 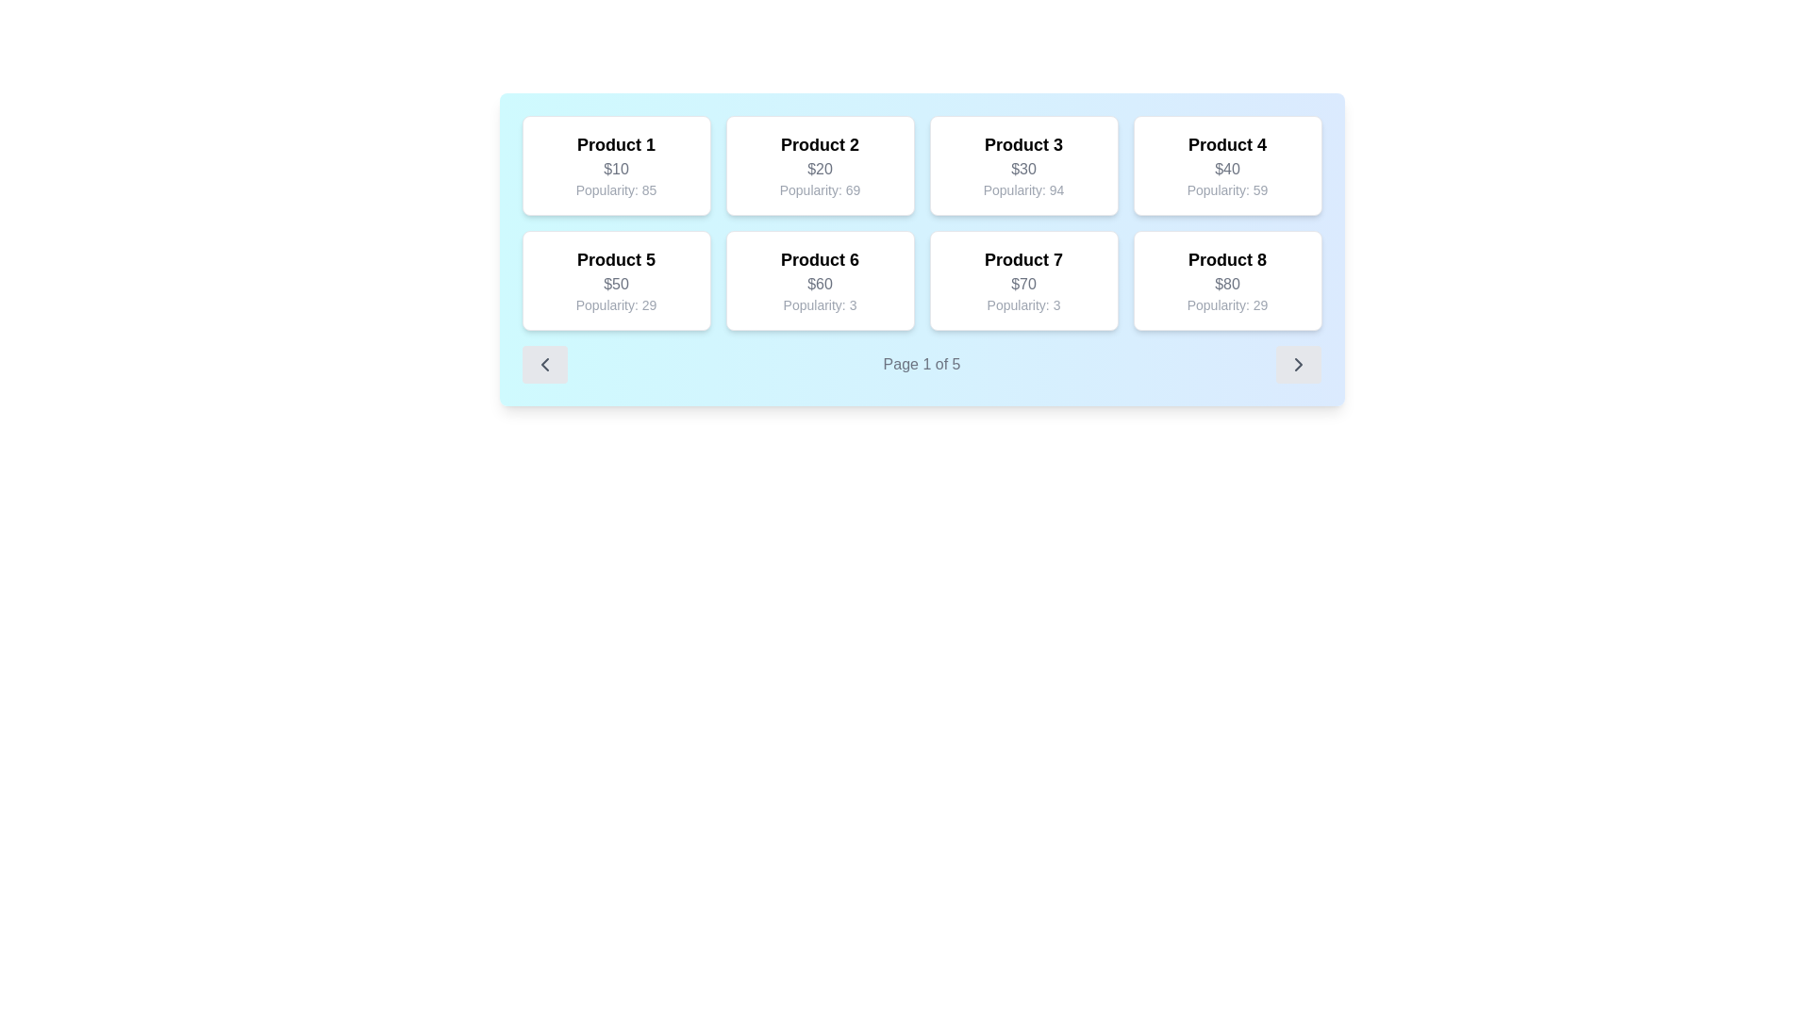 I want to click on the price text label displaying '$40' for 'Product 4', which is located below the product name and above the popularity information, so click(x=1227, y=170).